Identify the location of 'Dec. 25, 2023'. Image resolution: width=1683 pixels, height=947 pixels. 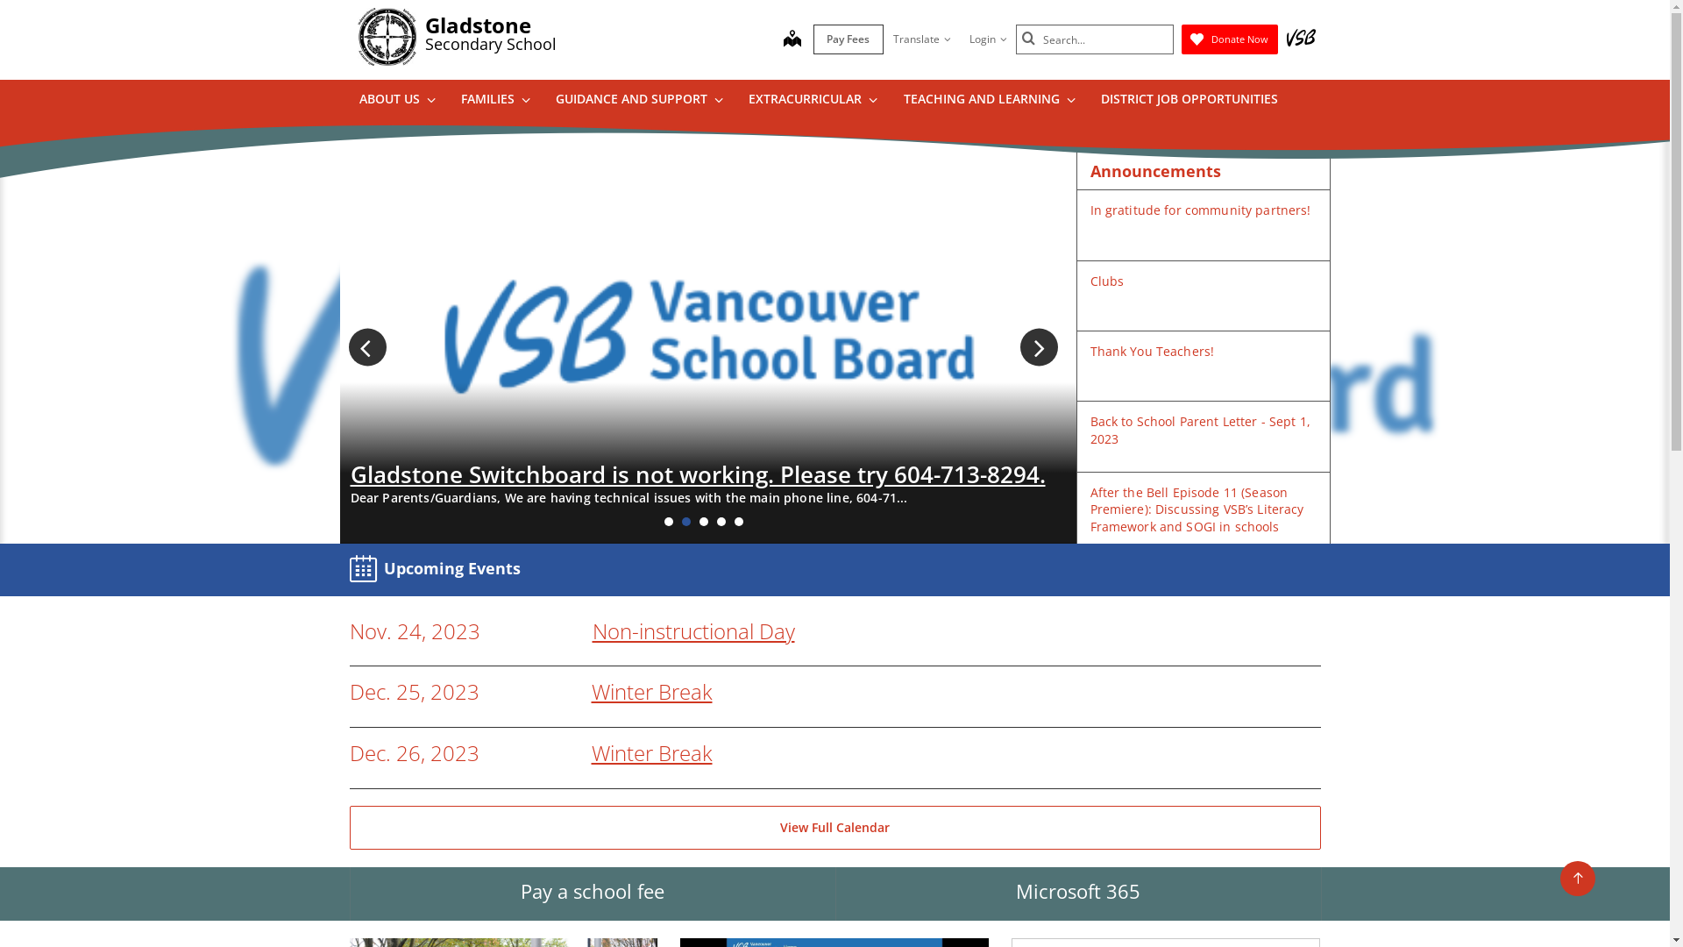
(412, 691).